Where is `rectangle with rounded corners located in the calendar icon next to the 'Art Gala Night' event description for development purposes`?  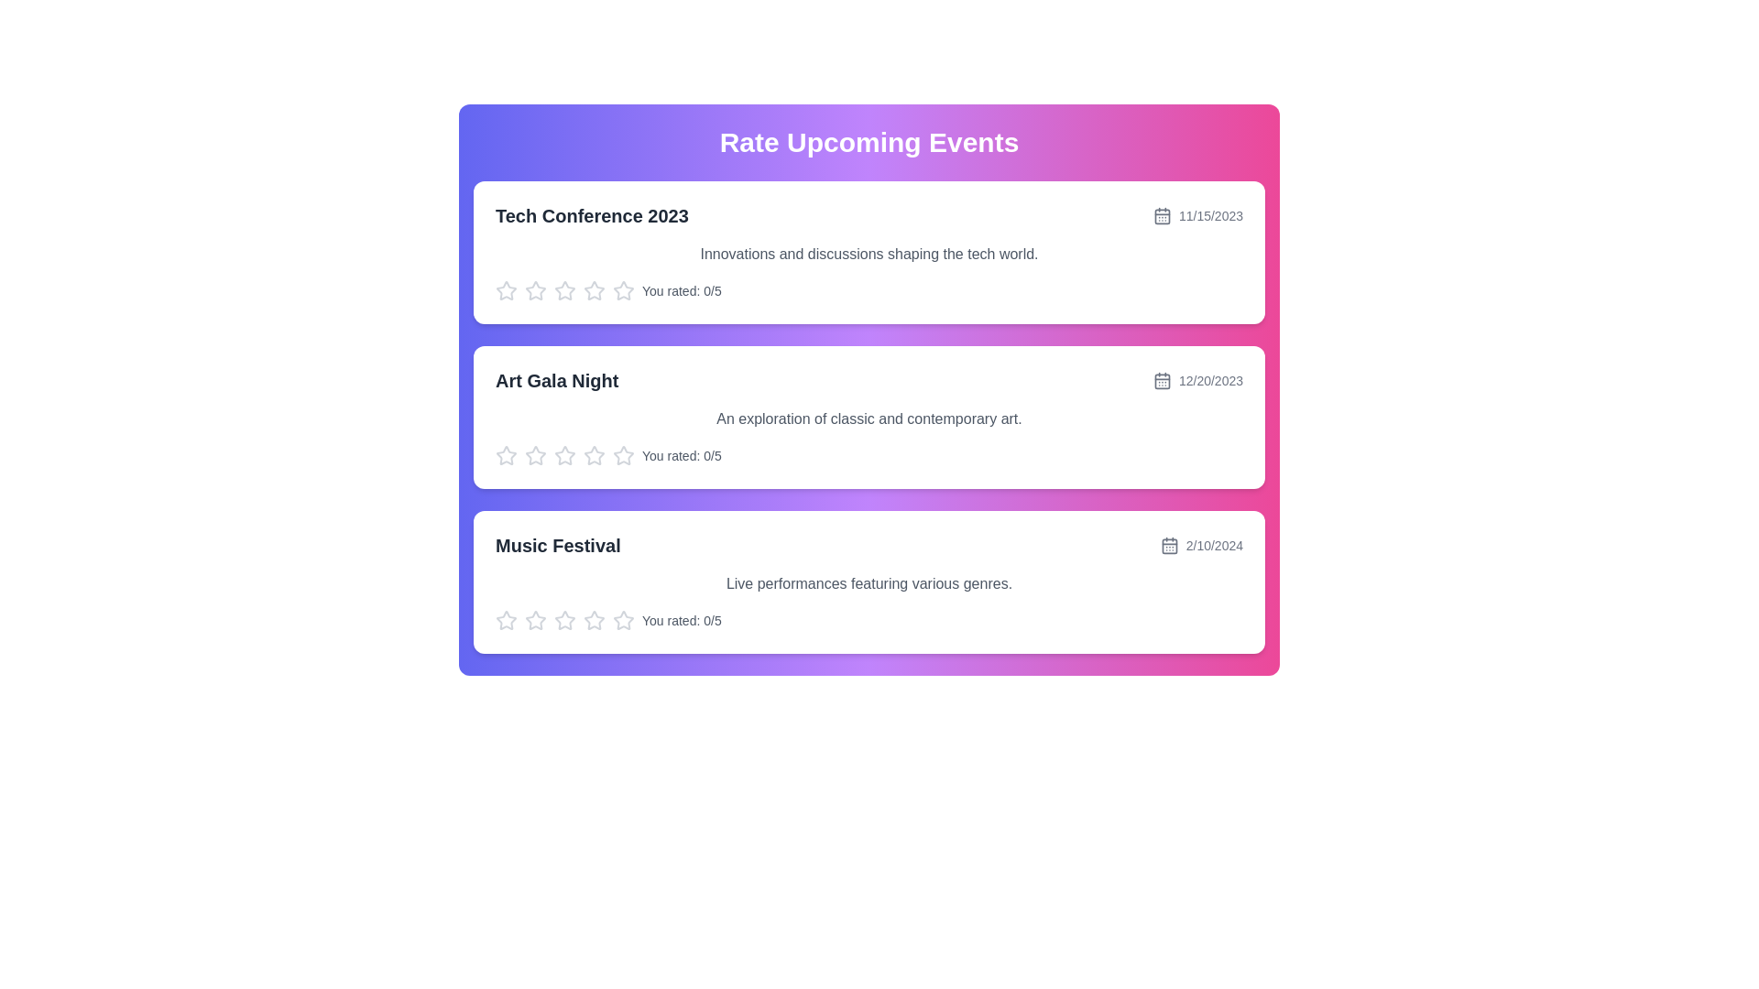
rectangle with rounded corners located in the calendar icon next to the 'Art Gala Night' event description for development purposes is located at coordinates (1161, 380).